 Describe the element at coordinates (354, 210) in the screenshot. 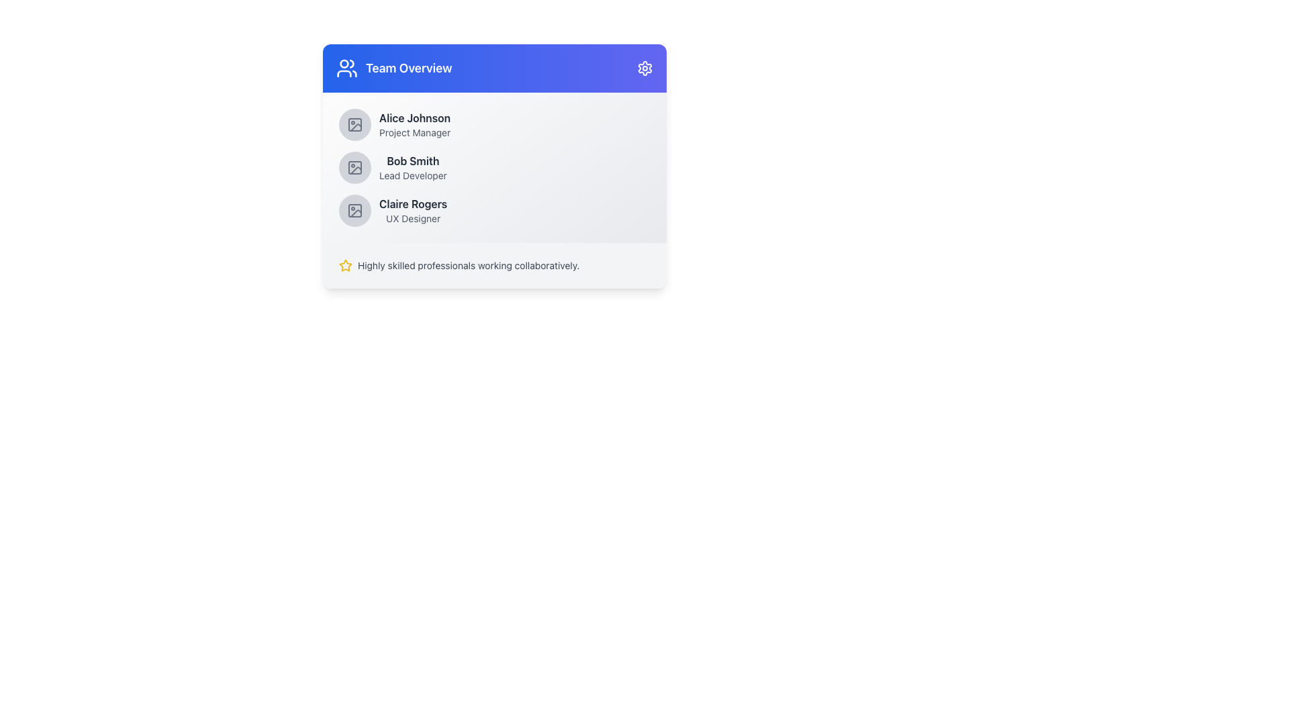

I see `the circular Placeholder or Avatar Icon representing the team member 'Claire Rogers' in the 'Team Overview' panel` at that location.